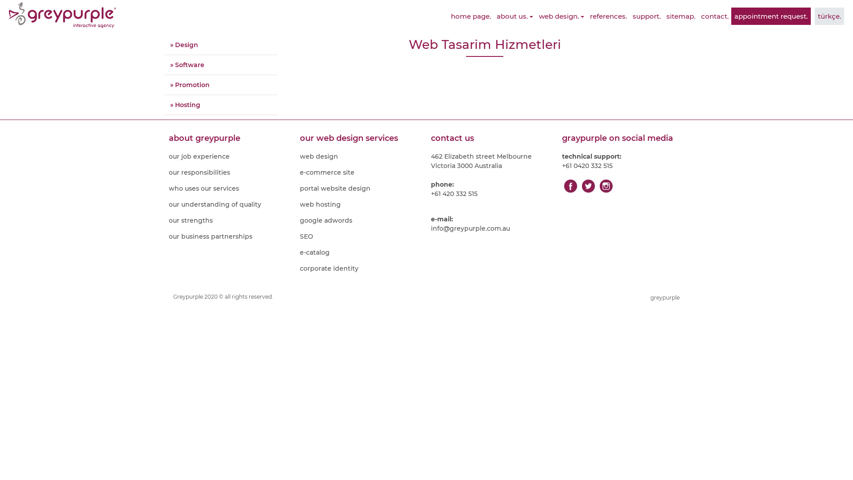  I want to click on 'web design.', so click(561, 16).